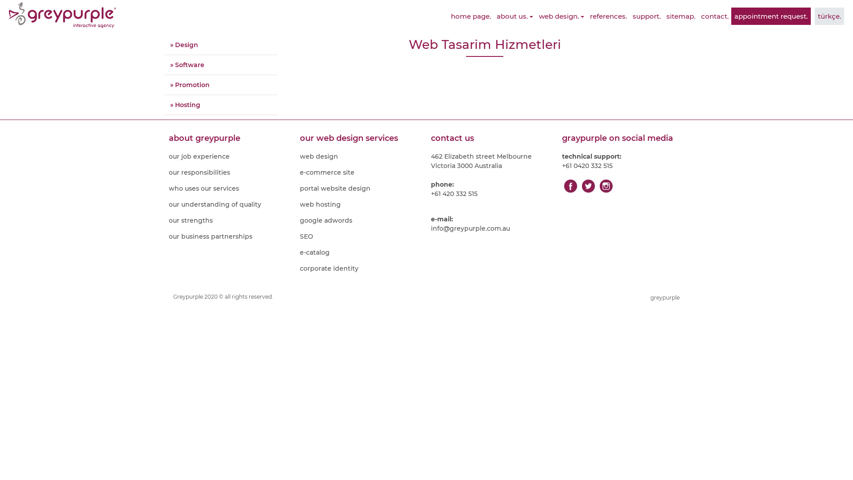  I want to click on 'web design.', so click(561, 16).